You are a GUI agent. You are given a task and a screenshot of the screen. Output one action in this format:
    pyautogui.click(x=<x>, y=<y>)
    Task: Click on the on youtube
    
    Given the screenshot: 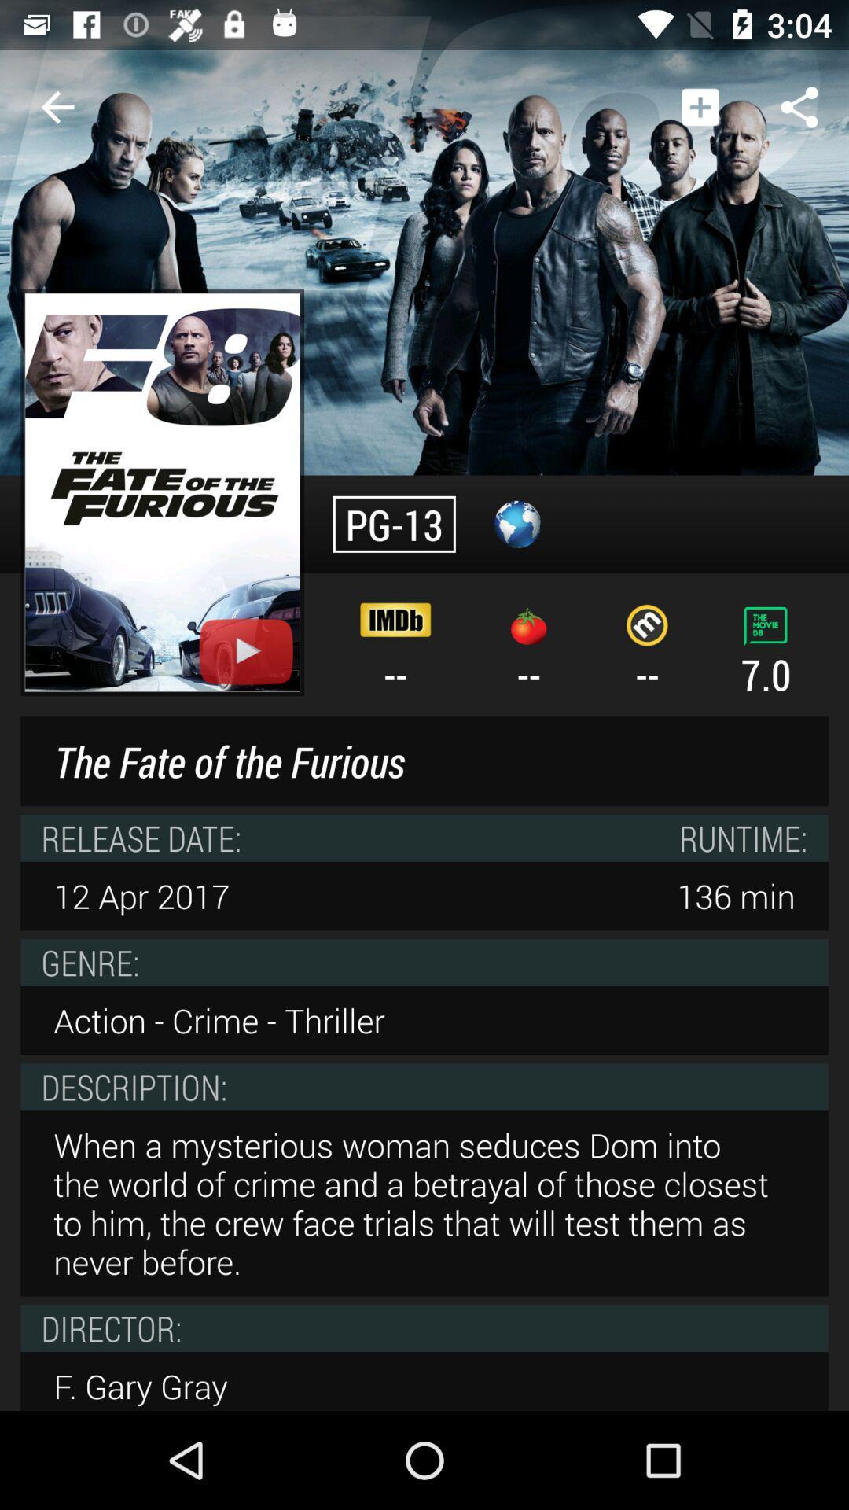 What is the action you would take?
    pyautogui.click(x=246, y=651)
    